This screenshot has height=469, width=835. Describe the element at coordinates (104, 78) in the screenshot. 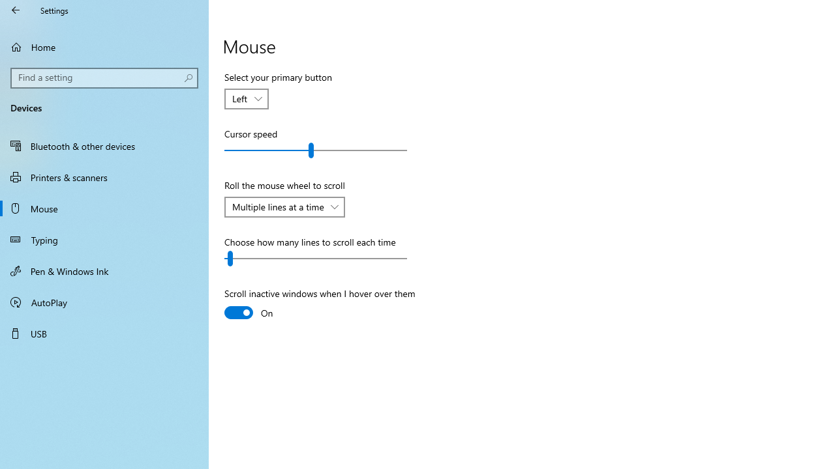

I see `'Search box, Find a setting'` at that location.